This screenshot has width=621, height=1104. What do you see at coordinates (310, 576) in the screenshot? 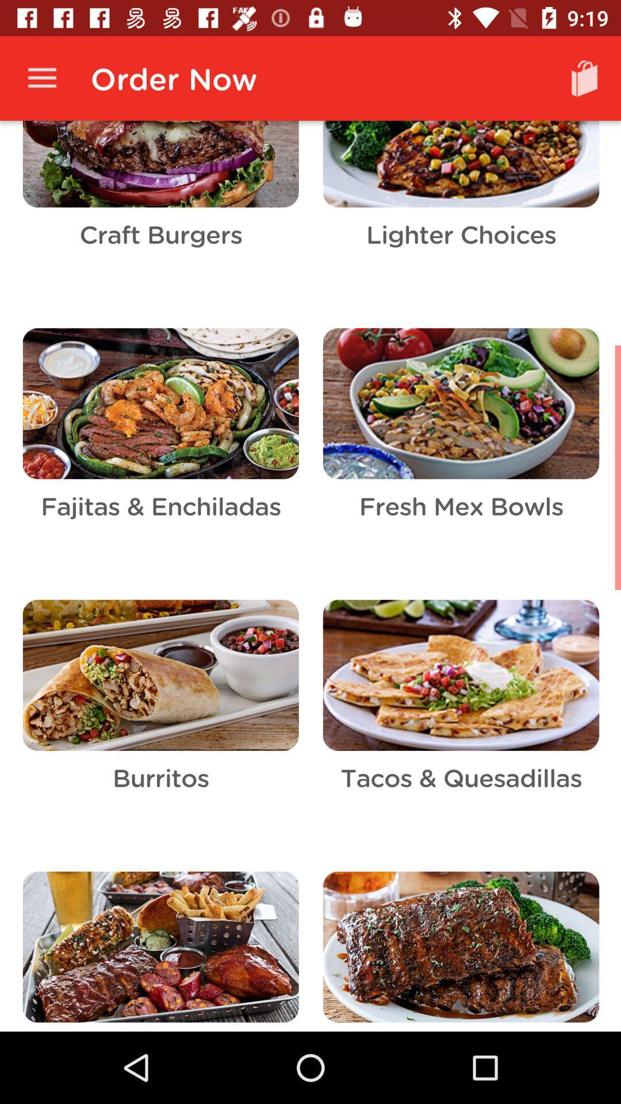
I see `food menu` at bounding box center [310, 576].